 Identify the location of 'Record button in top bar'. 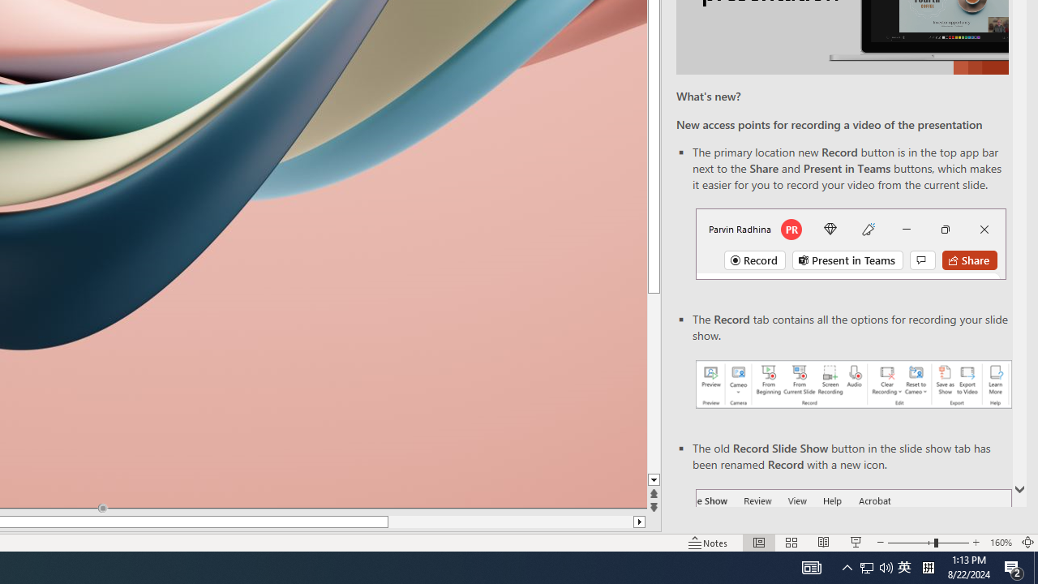
(850, 243).